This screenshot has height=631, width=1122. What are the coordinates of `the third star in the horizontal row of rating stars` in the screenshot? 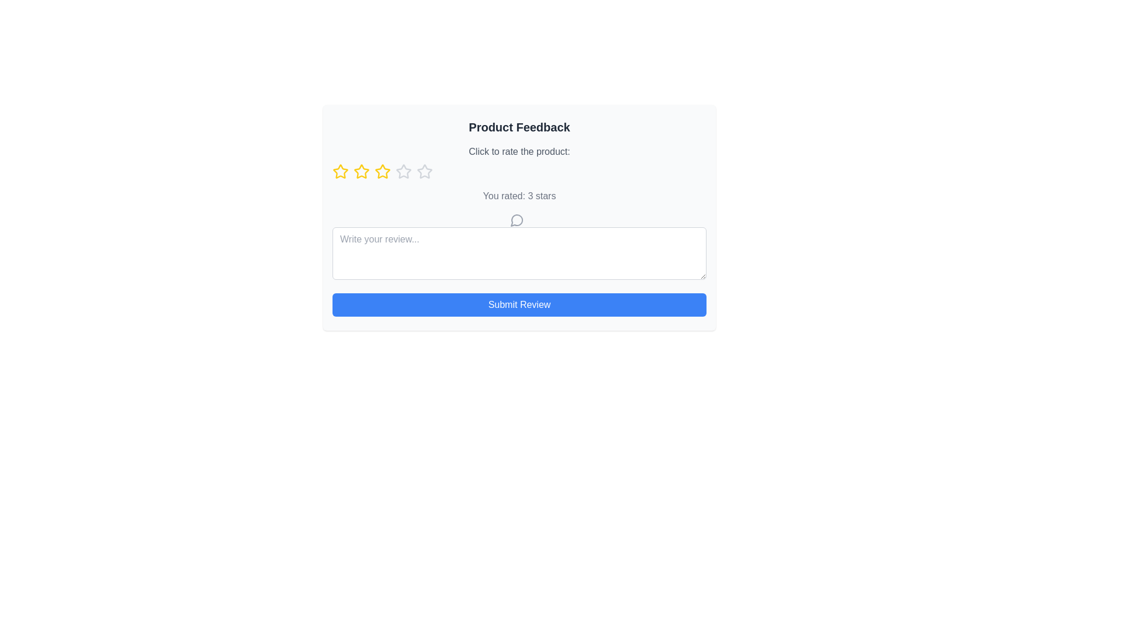 It's located at (361, 171).